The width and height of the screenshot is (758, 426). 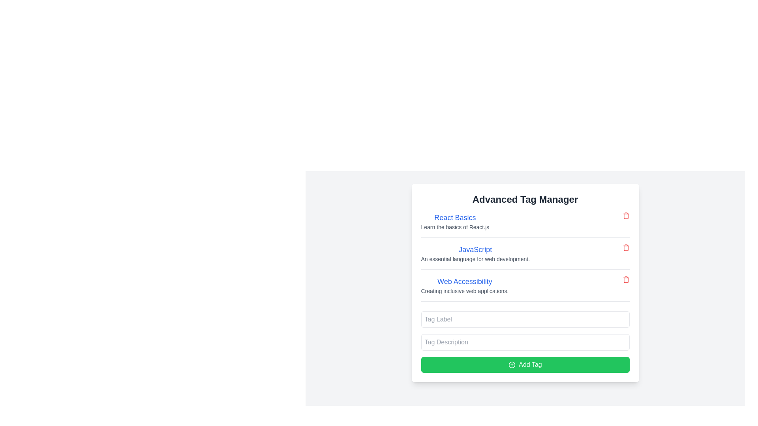 I want to click on the static text that provides additional information about the 'JavaScript' heading, located within the 'Advanced Tag Manager' section, as the second description text below the heading, so click(x=475, y=259).